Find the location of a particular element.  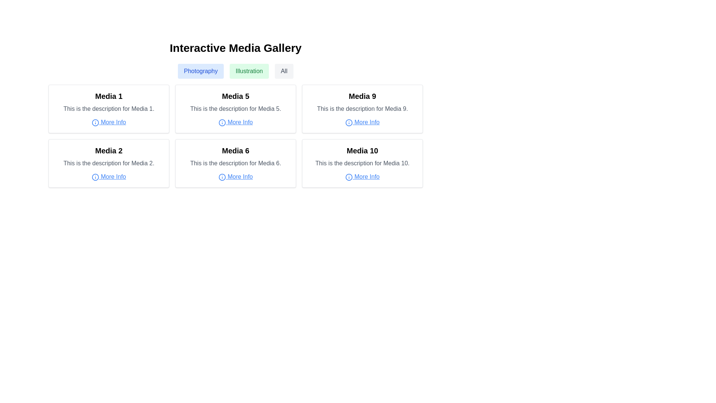

the third interactive card in the second row of the grid layout, which provides a summary for a media item is located at coordinates (235, 163).